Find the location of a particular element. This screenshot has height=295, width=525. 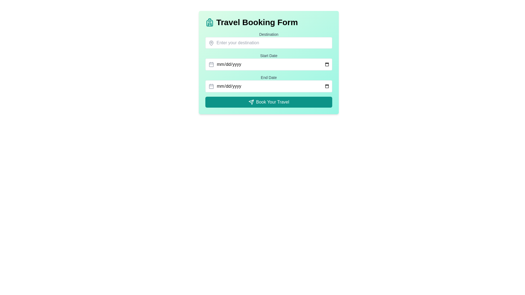

the 'Start Date' label, which displays the text in a small, bold, gray font, positioned above an input field with a calendar icon is located at coordinates (269, 56).